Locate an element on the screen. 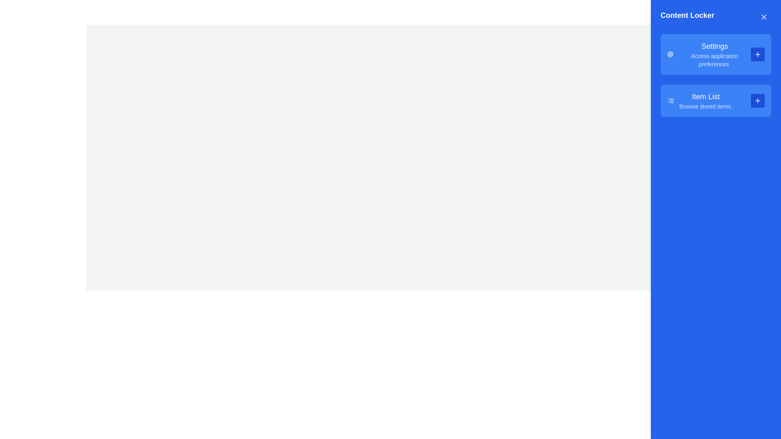 This screenshot has height=439, width=781. text label located at the center of the right sidebar, which serves as a heading for the section of stored items is located at coordinates (705, 96).